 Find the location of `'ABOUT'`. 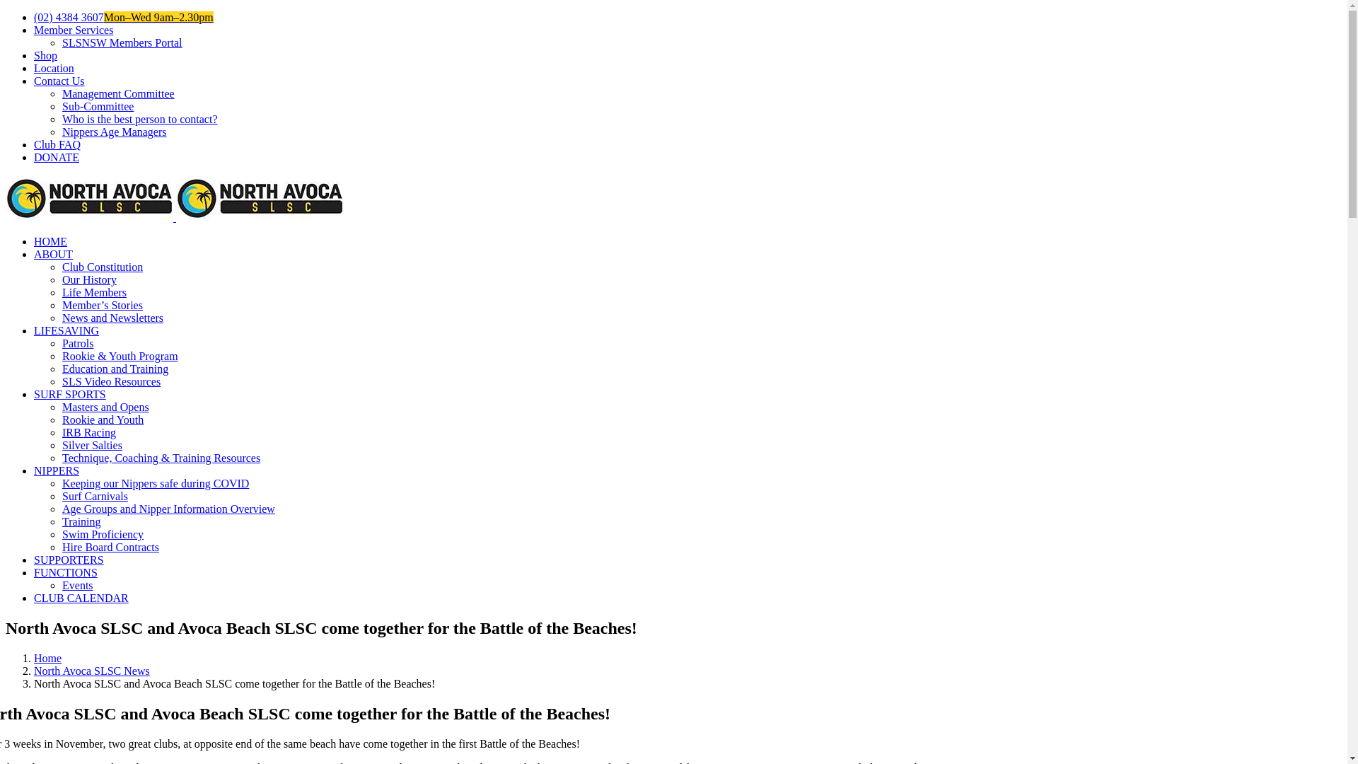

'ABOUT' is located at coordinates (53, 253).